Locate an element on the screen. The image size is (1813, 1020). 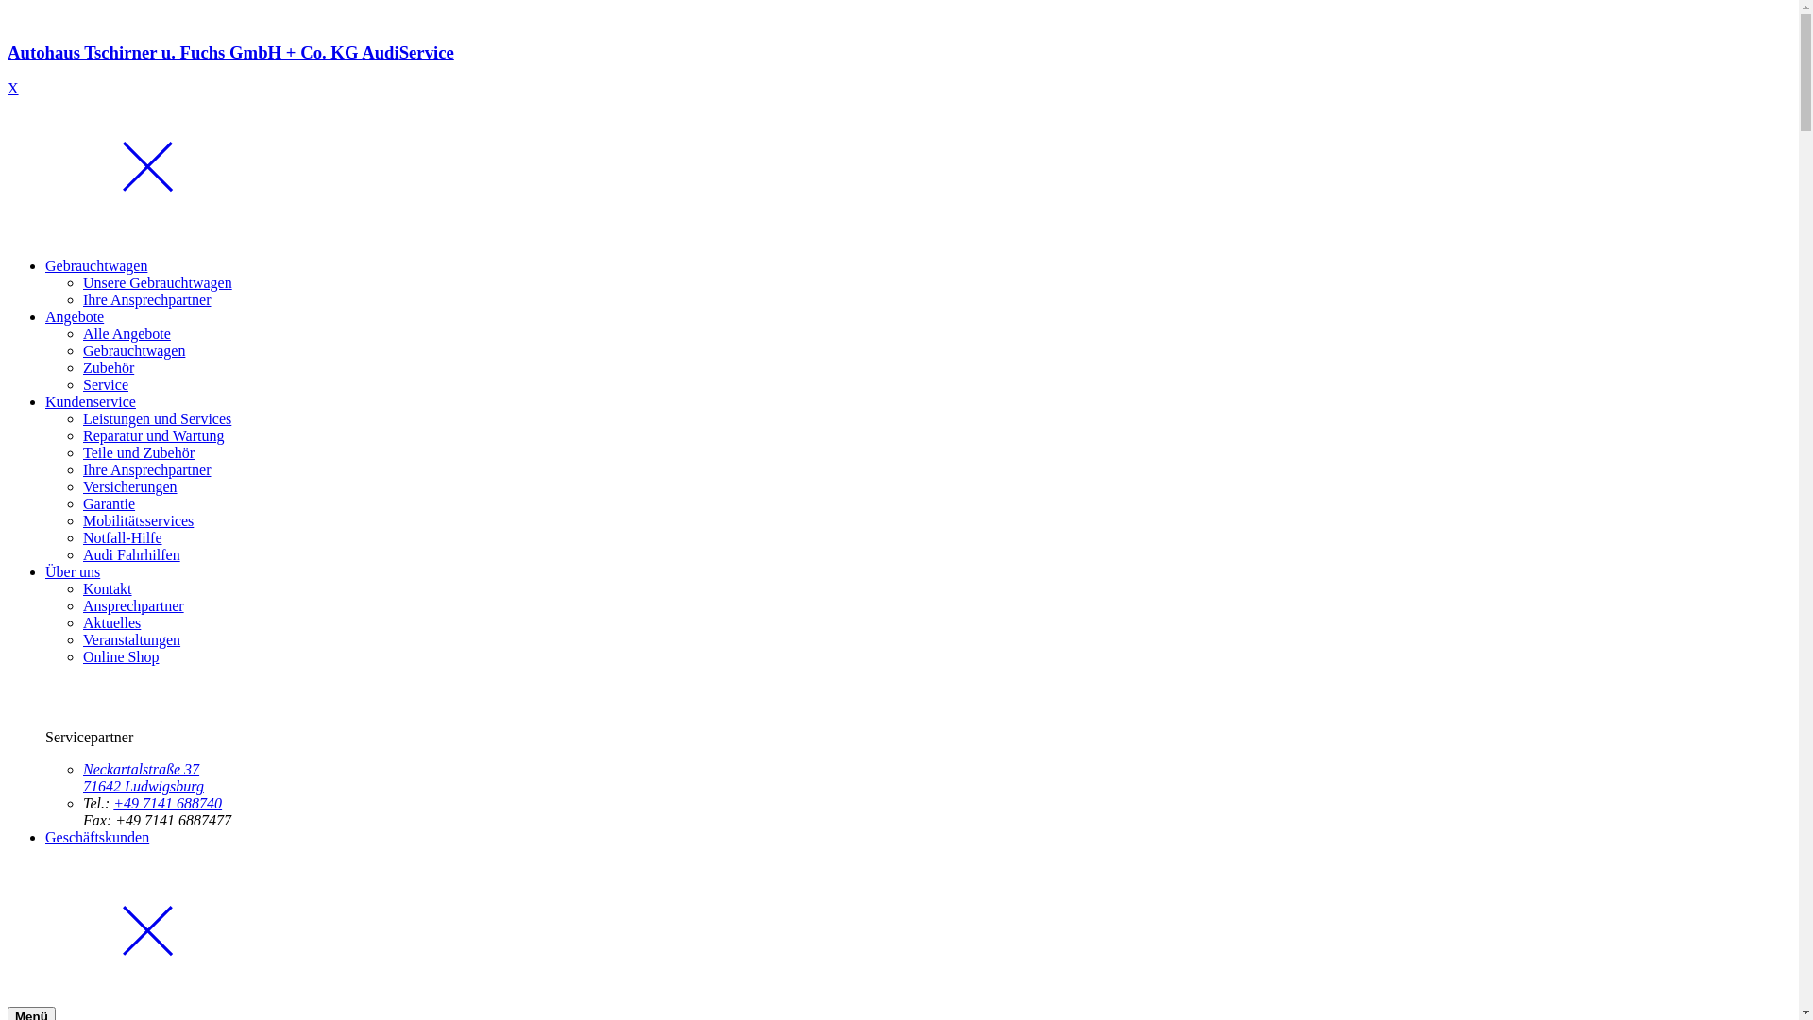
'Aktuelles' is located at coordinates (110, 622).